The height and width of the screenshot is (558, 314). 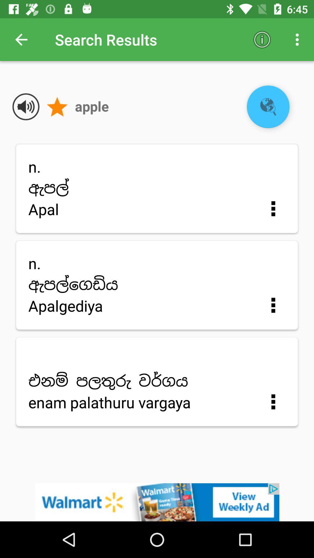 What do you see at coordinates (26, 107) in the screenshot?
I see `the volume icon` at bounding box center [26, 107].